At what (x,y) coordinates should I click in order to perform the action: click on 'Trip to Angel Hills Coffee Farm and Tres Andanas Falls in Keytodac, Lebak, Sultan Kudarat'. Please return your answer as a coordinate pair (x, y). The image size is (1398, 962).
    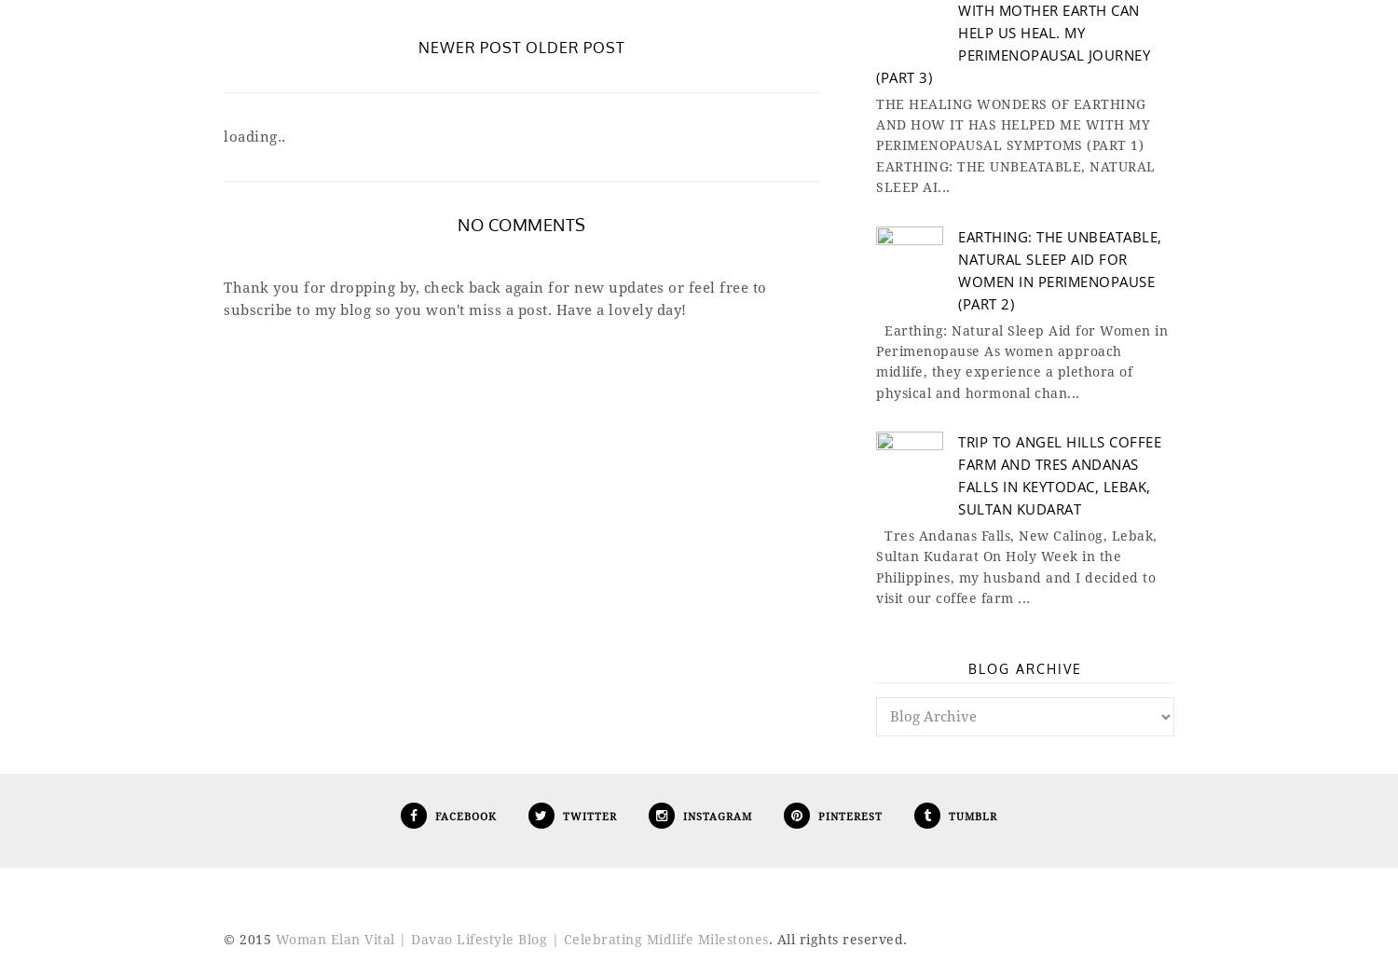
    Looking at the image, I should click on (1060, 474).